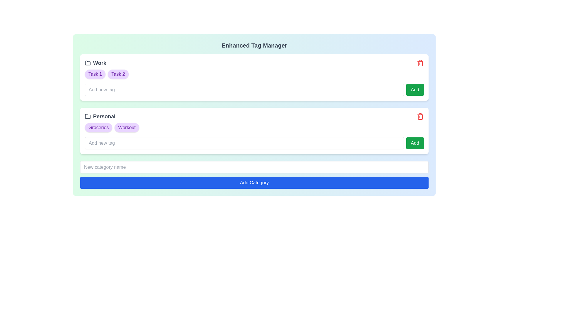 This screenshot has height=317, width=564. What do you see at coordinates (87, 63) in the screenshot?
I see `the 'Work' section icon, which is located to the left of the text 'Work' in the header` at bounding box center [87, 63].